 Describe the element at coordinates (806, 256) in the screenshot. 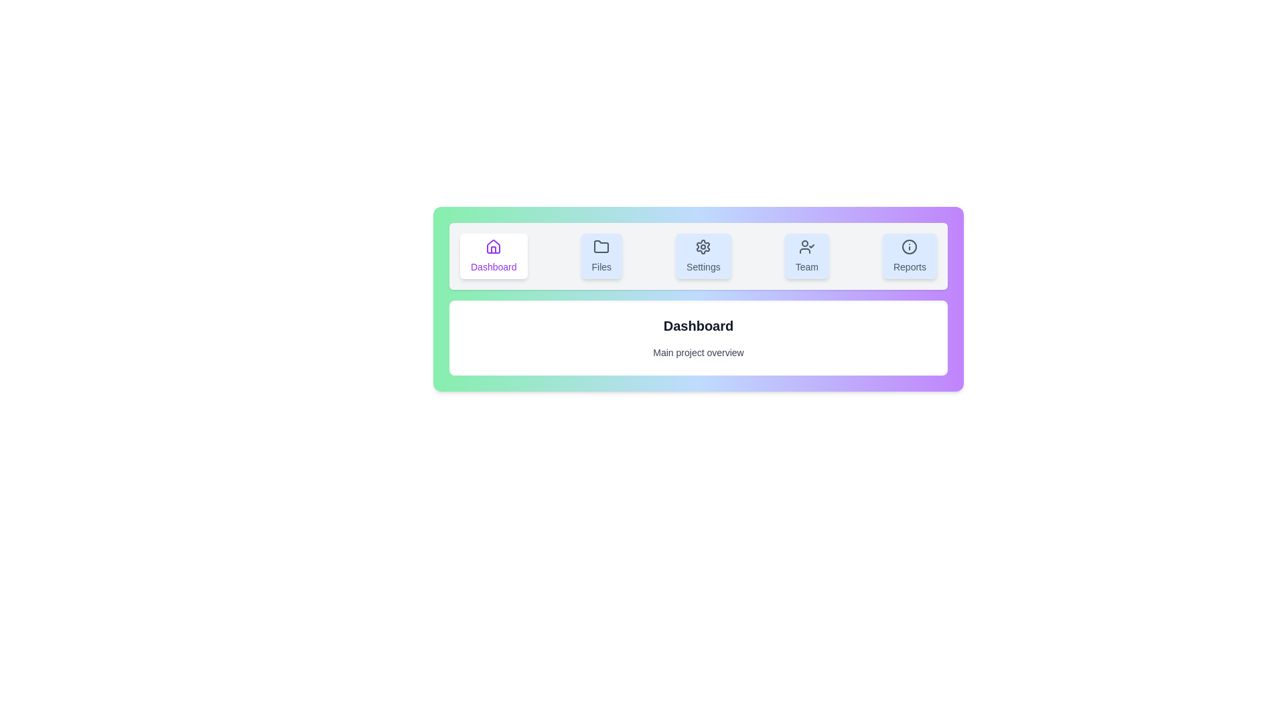

I see `the tab labeled Team to observe the visual feedback` at that location.